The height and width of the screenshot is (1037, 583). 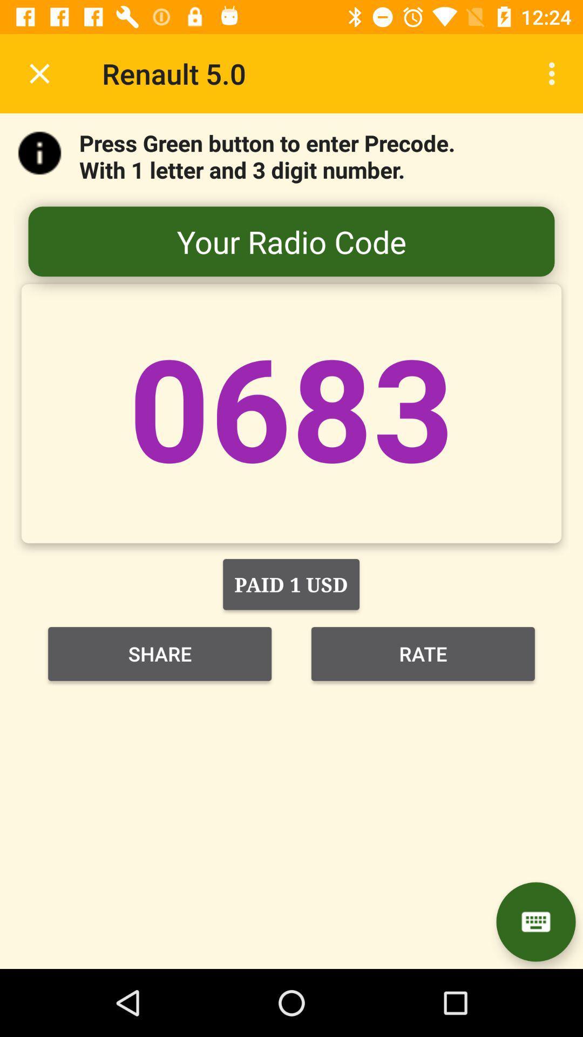 I want to click on item to the left of rate item, so click(x=160, y=653).